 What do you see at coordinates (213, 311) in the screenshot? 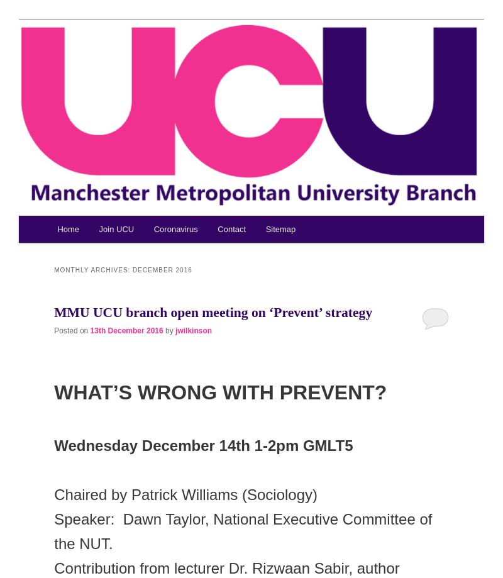
I see `'MMU UCU branch open meeting on ‘Prevent’ strategy'` at bounding box center [213, 311].